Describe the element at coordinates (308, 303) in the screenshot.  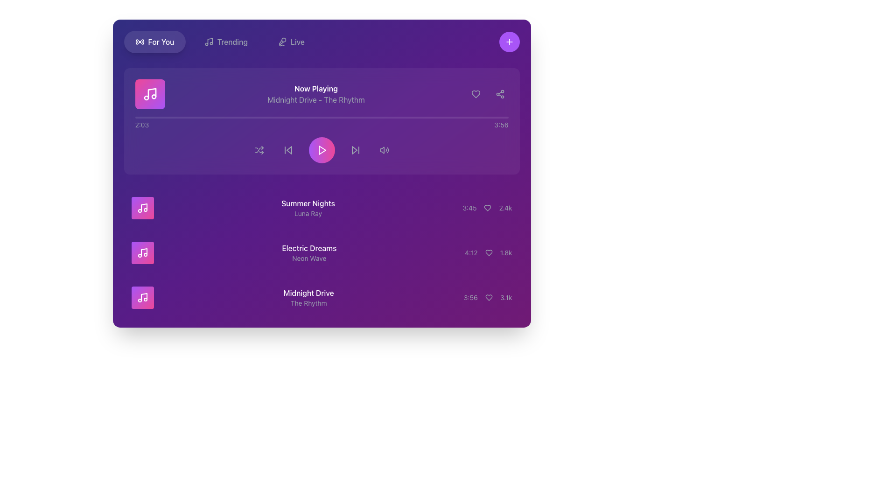
I see `information from the subtitle text element labeled 'The Rhythm' which is displayed in a muted gray color directly beneath the title 'Midnight Drive'` at that location.